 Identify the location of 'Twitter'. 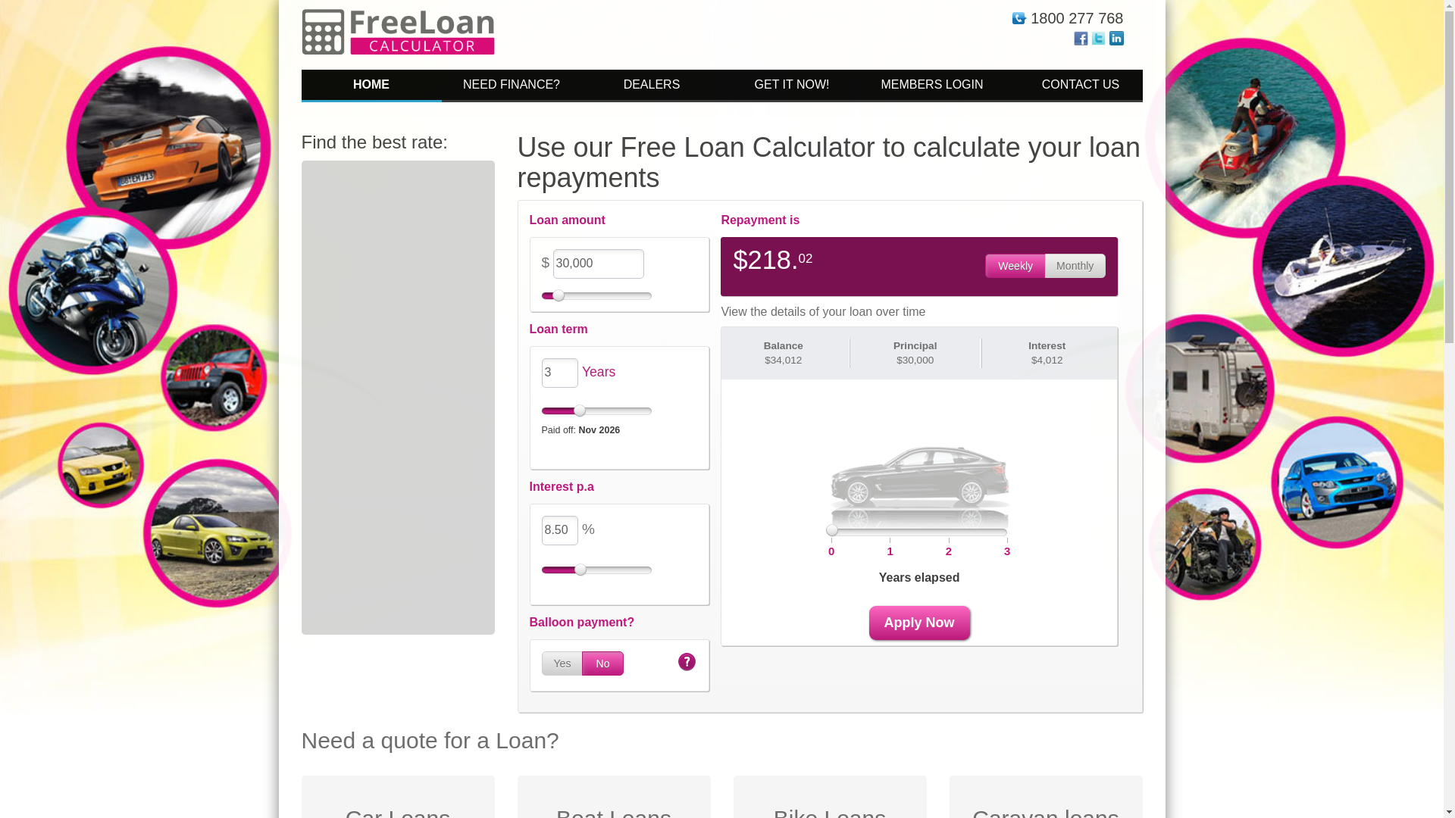
(1098, 36).